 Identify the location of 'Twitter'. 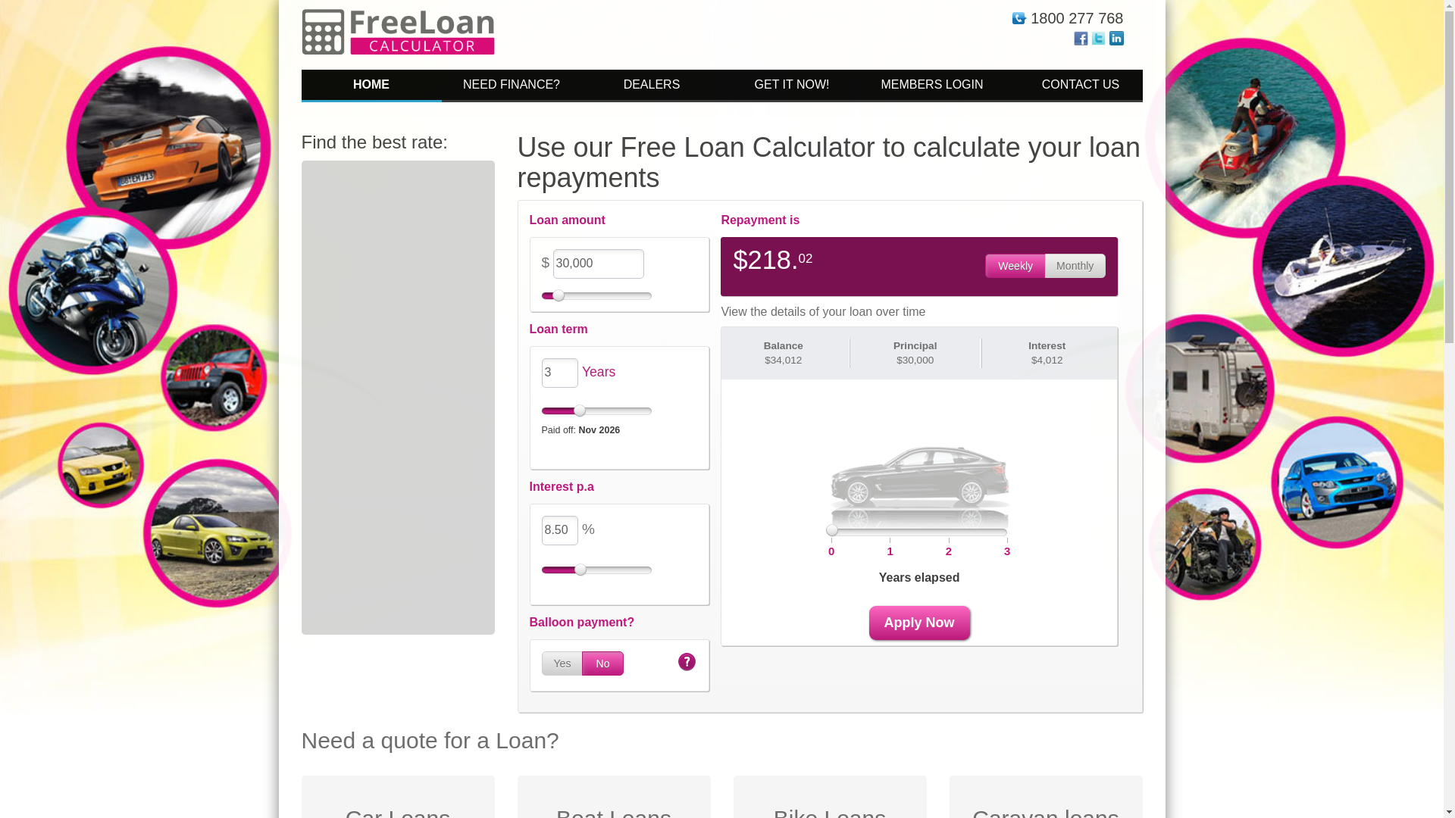
(1098, 36).